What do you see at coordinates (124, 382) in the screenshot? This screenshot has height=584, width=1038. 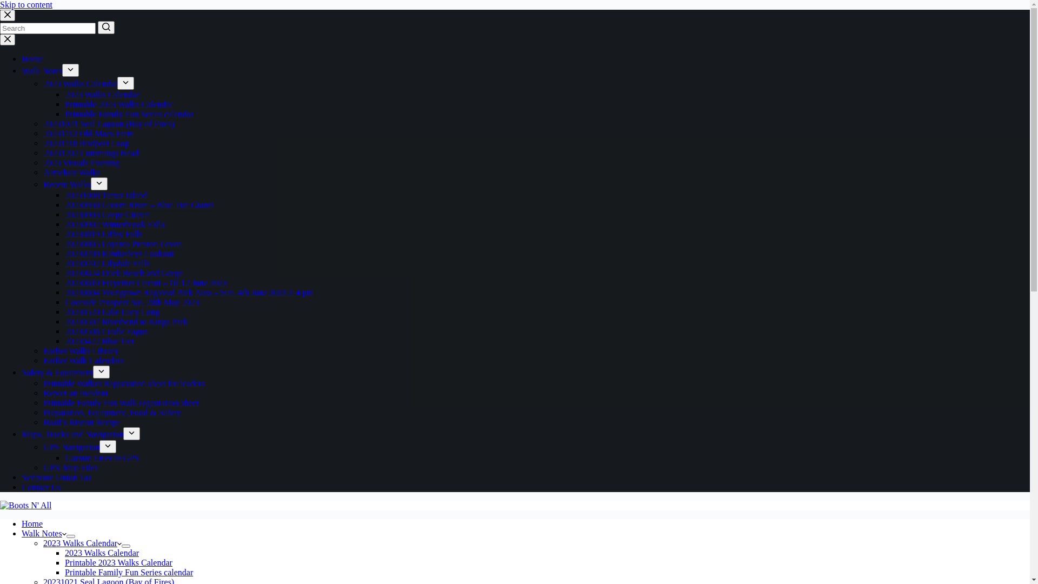 I see `'Printable Walker Registration sheet for leaders'` at bounding box center [124, 382].